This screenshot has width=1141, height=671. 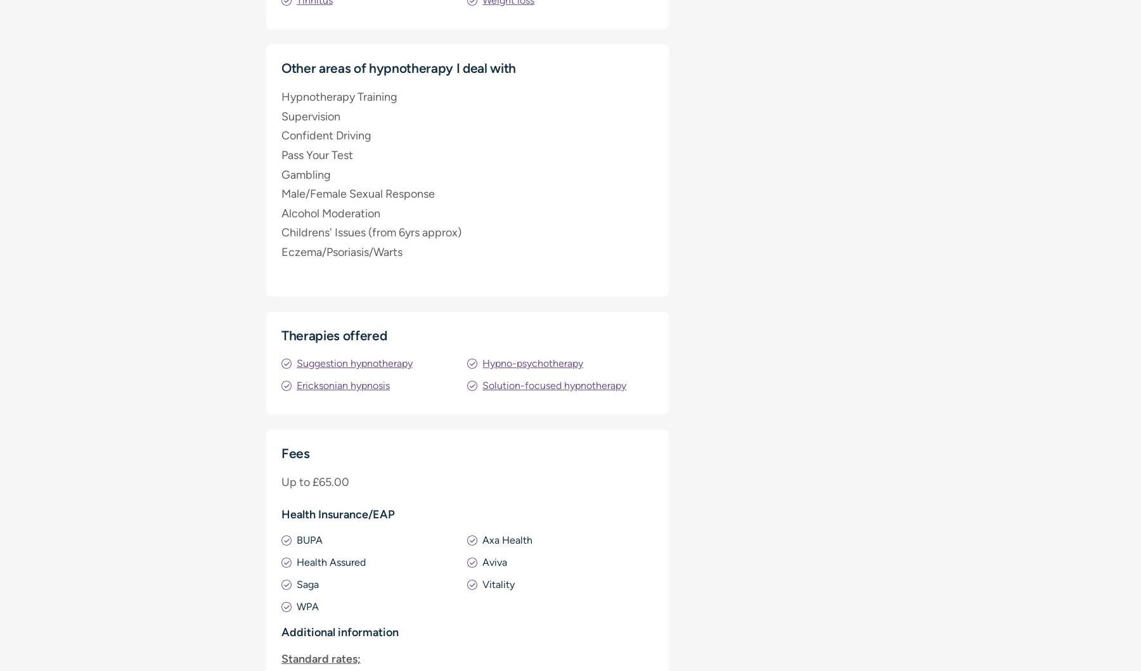 I want to click on 'Additional information', so click(x=339, y=631).